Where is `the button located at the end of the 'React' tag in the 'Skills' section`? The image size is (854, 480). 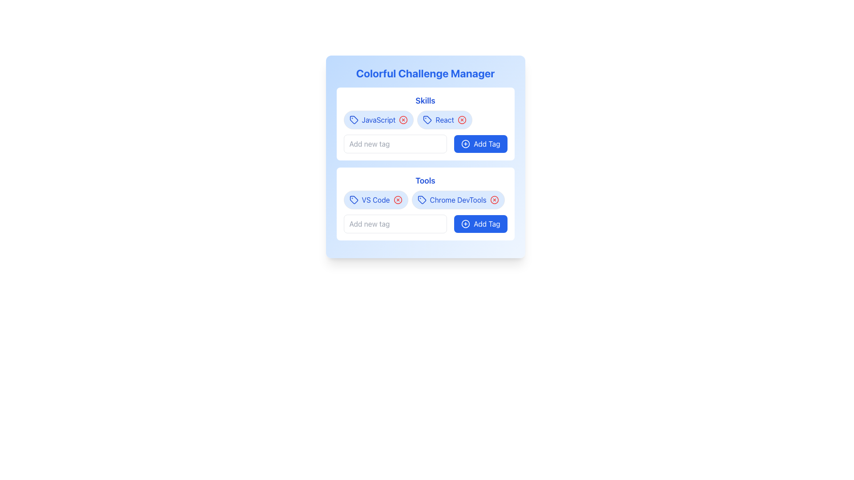 the button located at the end of the 'React' tag in the 'Skills' section is located at coordinates (462, 120).